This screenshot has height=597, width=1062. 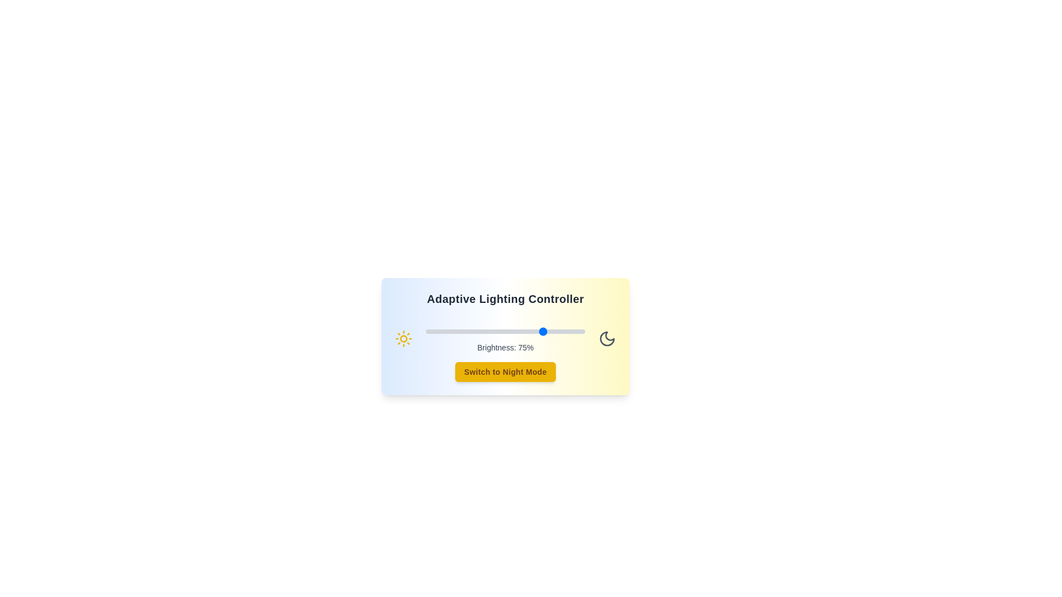 I want to click on the brightness level, so click(x=517, y=331).